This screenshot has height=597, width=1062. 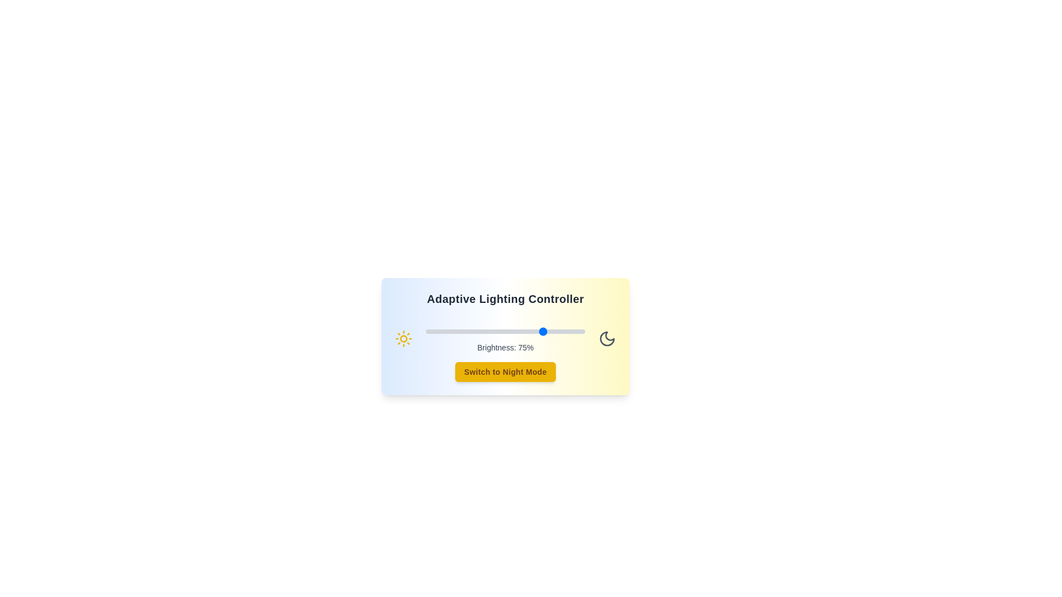 I want to click on the brightness level, so click(x=517, y=331).